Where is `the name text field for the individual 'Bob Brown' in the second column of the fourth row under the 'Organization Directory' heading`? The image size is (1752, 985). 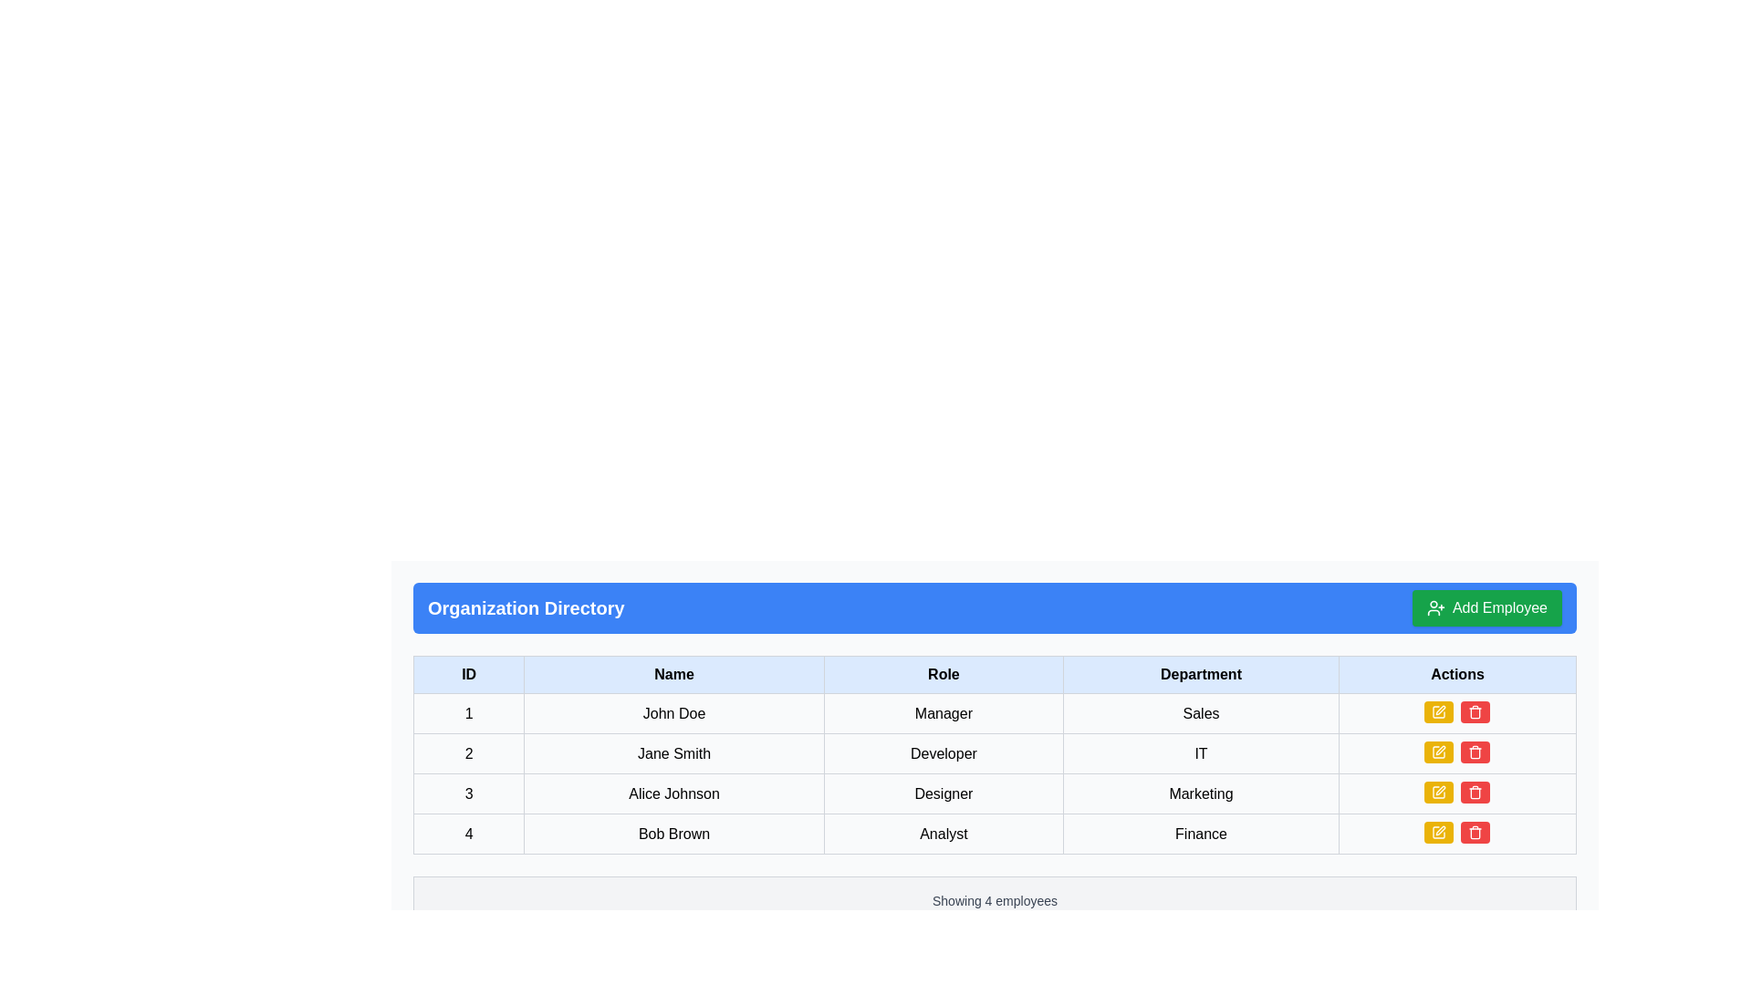 the name text field for the individual 'Bob Brown' in the second column of the fourth row under the 'Organization Directory' heading is located at coordinates (673, 834).